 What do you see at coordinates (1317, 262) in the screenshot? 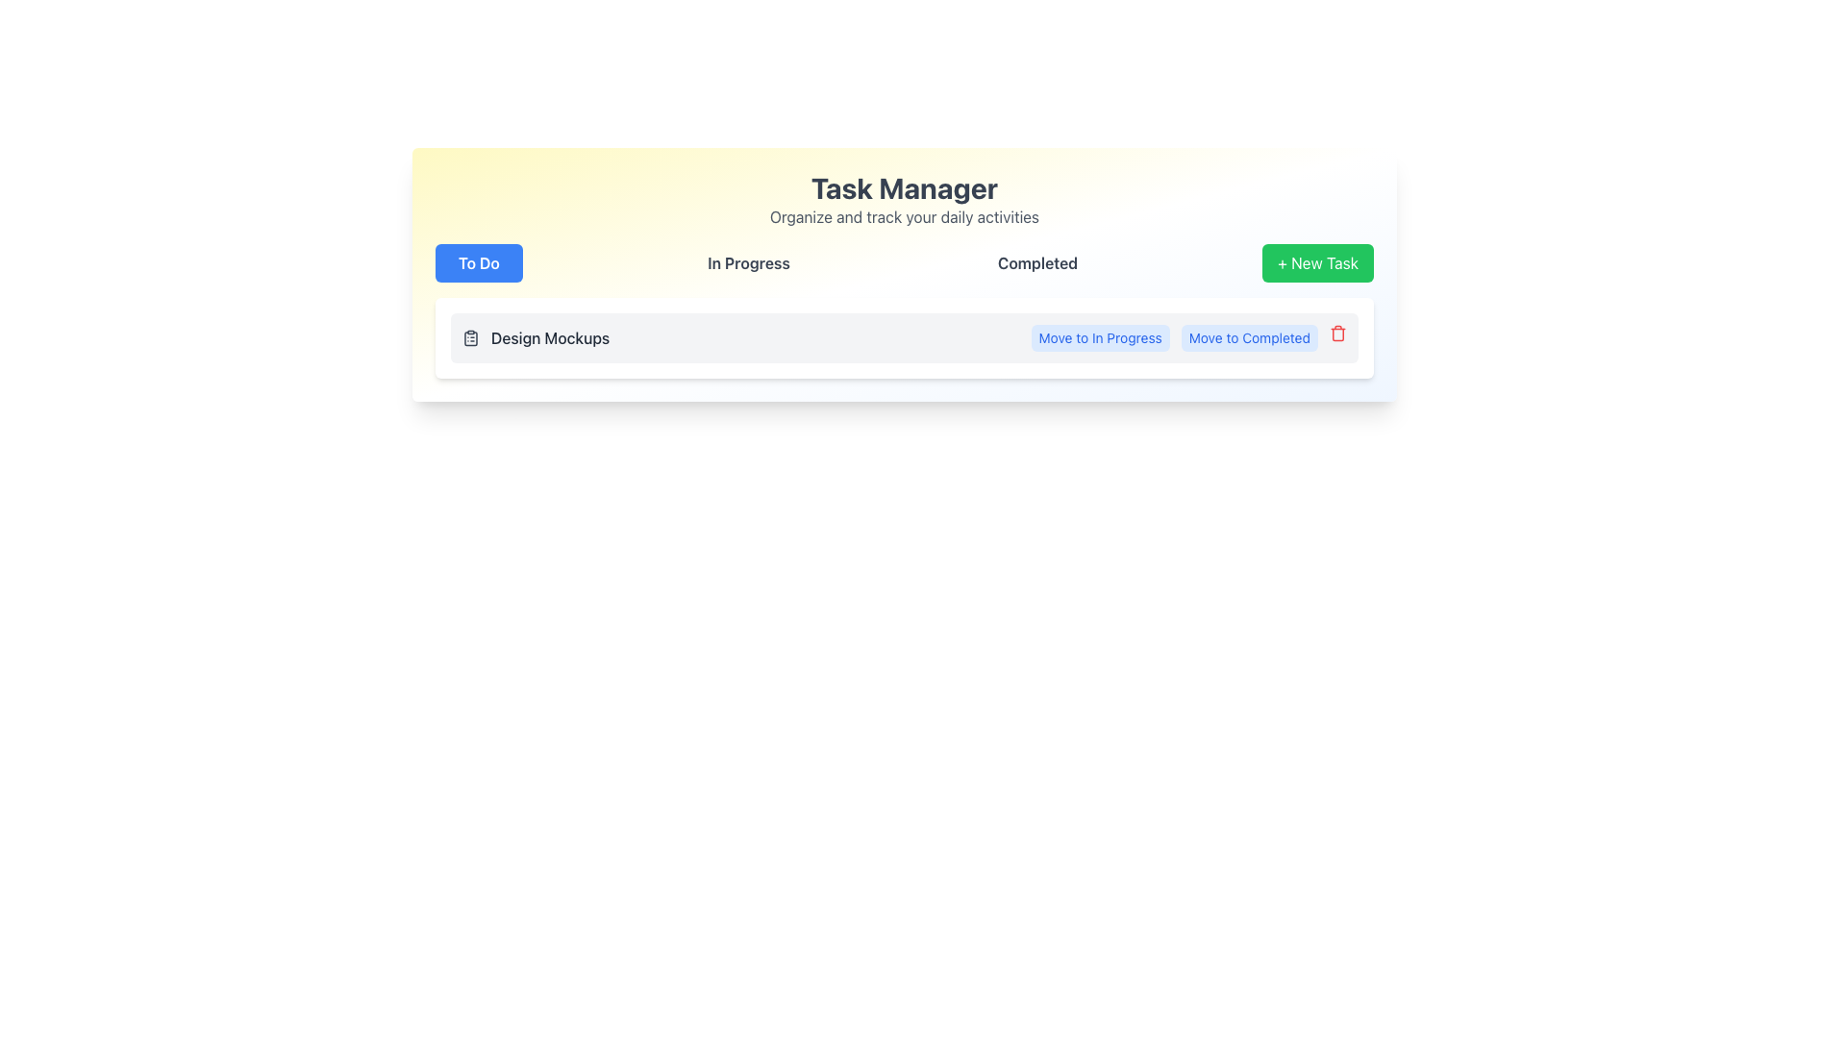
I see `the 'Create New Task' button located at the far-right side of a row of four elements in the task manager interface` at bounding box center [1317, 262].